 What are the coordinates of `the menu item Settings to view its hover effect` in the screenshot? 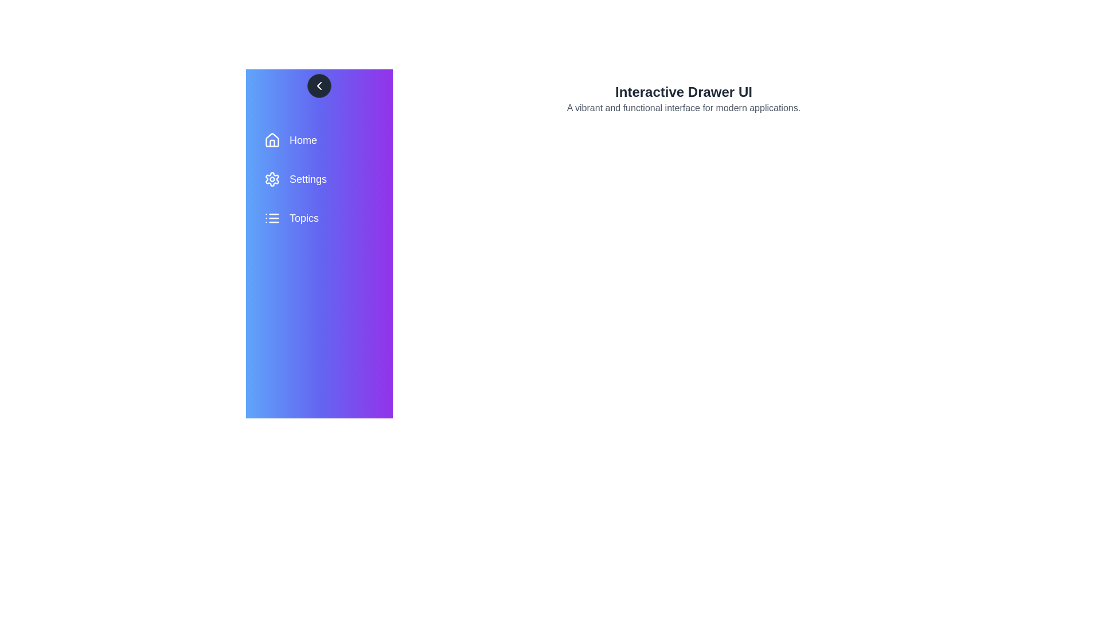 It's located at (319, 179).